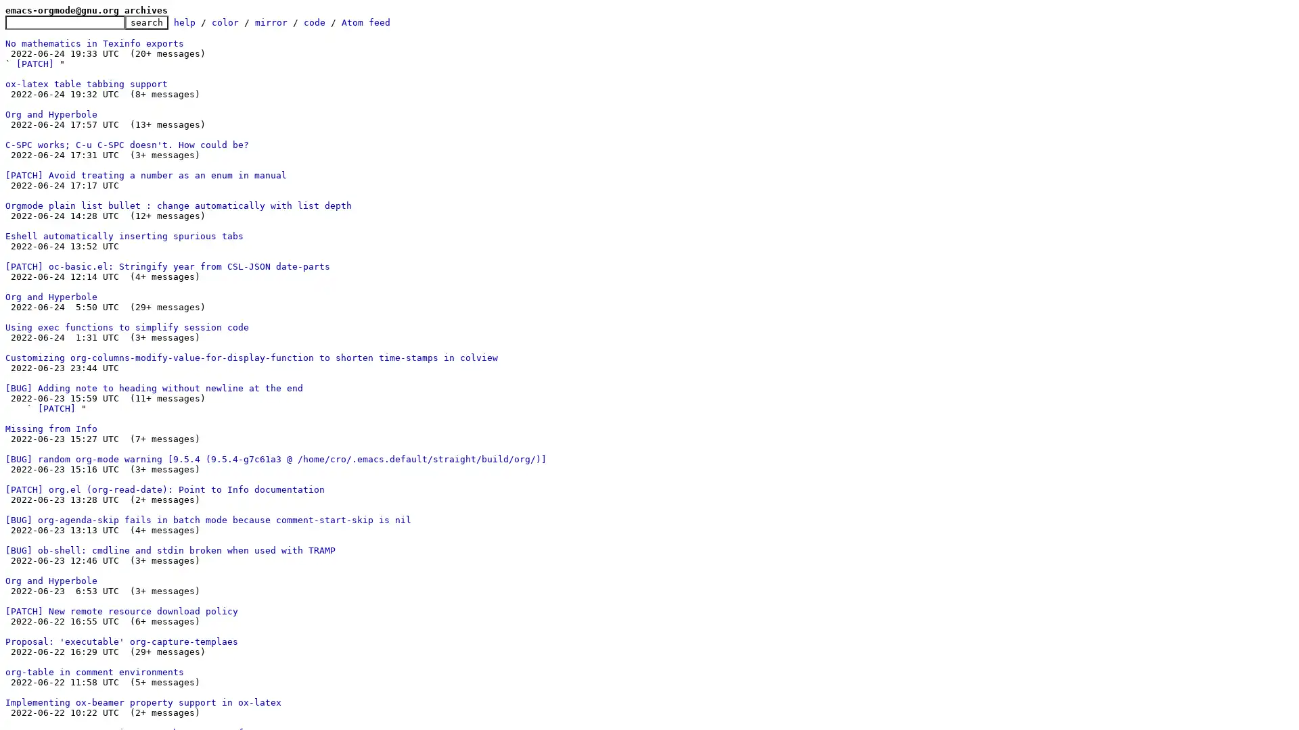  I want to click on search, so click(146, 22).